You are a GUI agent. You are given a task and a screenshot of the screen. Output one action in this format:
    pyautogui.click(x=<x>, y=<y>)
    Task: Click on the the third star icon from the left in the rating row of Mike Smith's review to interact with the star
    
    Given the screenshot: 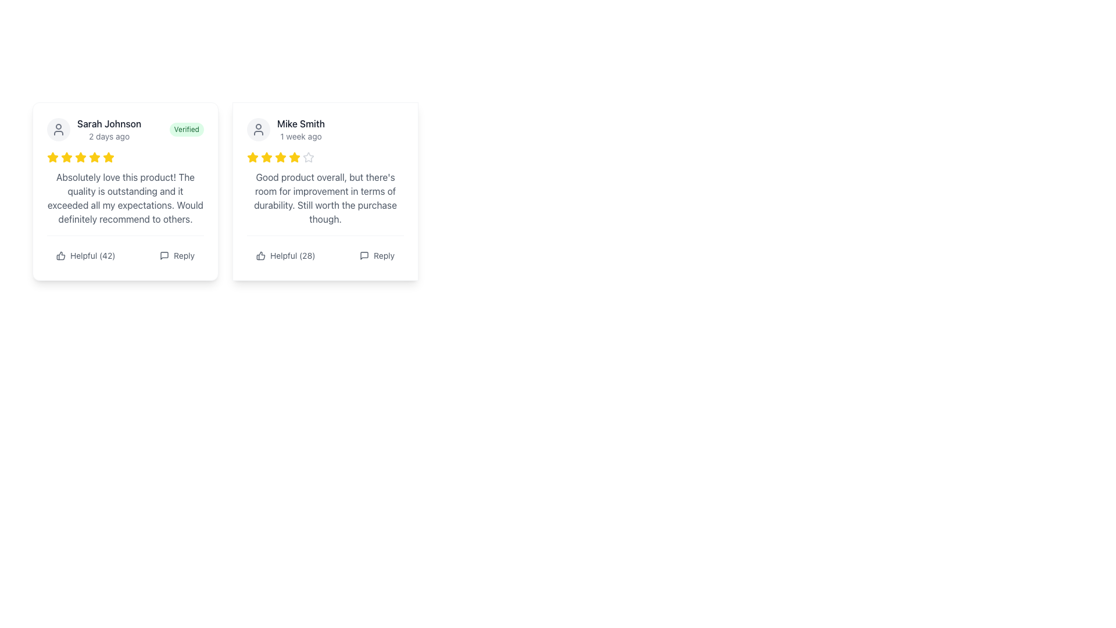 What is the action you would take?
    pyautogui.click(x=266, y=157)
    